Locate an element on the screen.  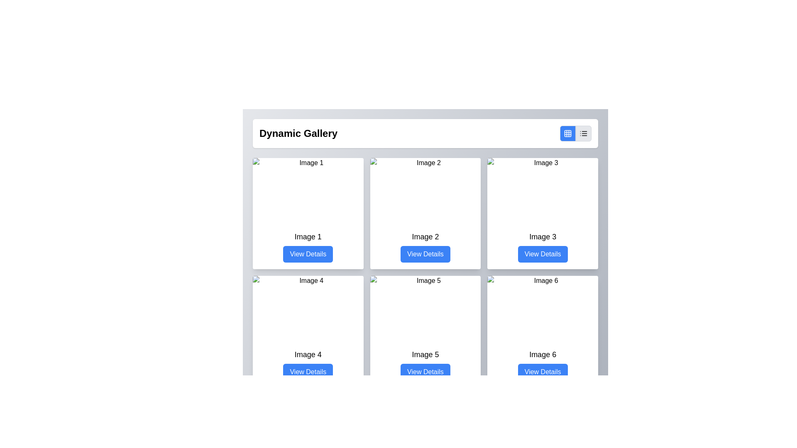
the active grid layout icon located in the top-right corner of the interface, inside the toggle button group next to the 'Dynamic Gallery' heading is located at coordinates (567, 133).